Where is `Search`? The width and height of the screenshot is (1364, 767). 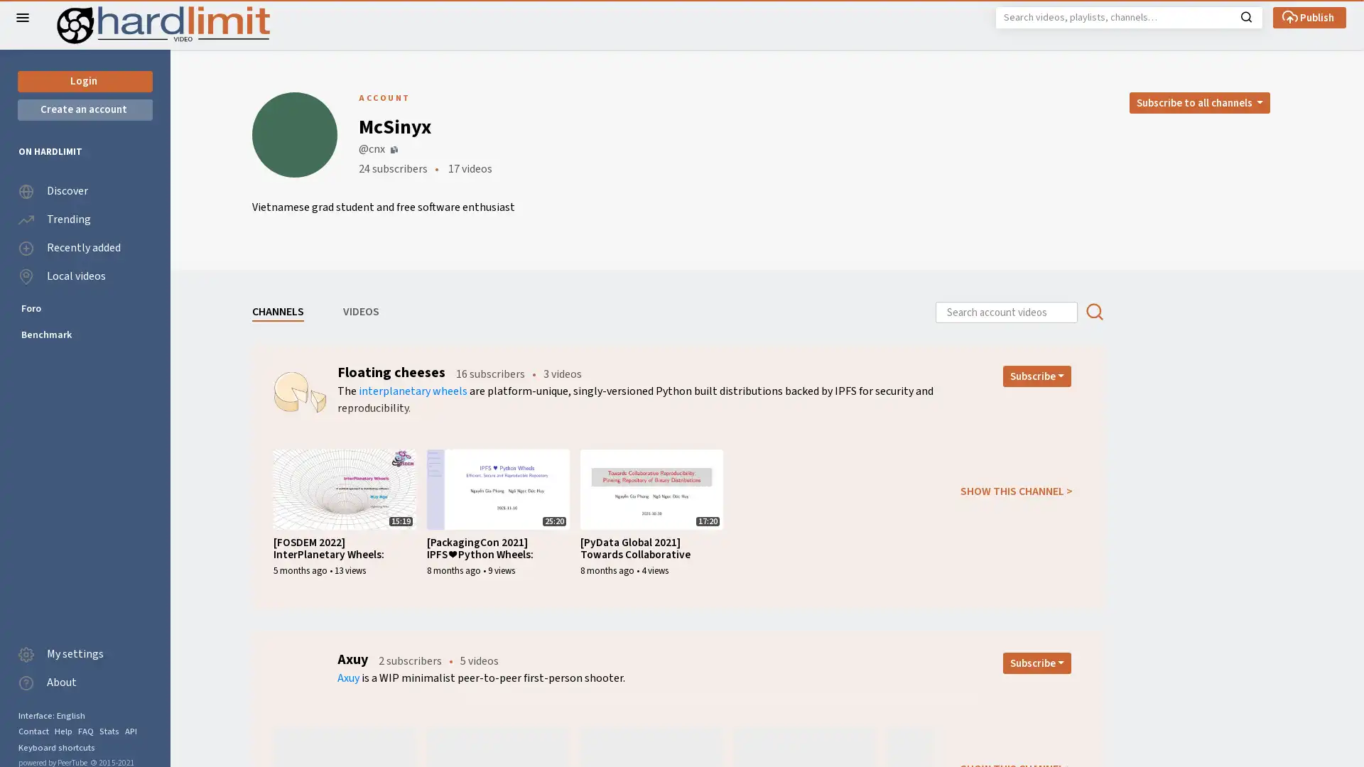 Search is located at coordinates (1093, 311).